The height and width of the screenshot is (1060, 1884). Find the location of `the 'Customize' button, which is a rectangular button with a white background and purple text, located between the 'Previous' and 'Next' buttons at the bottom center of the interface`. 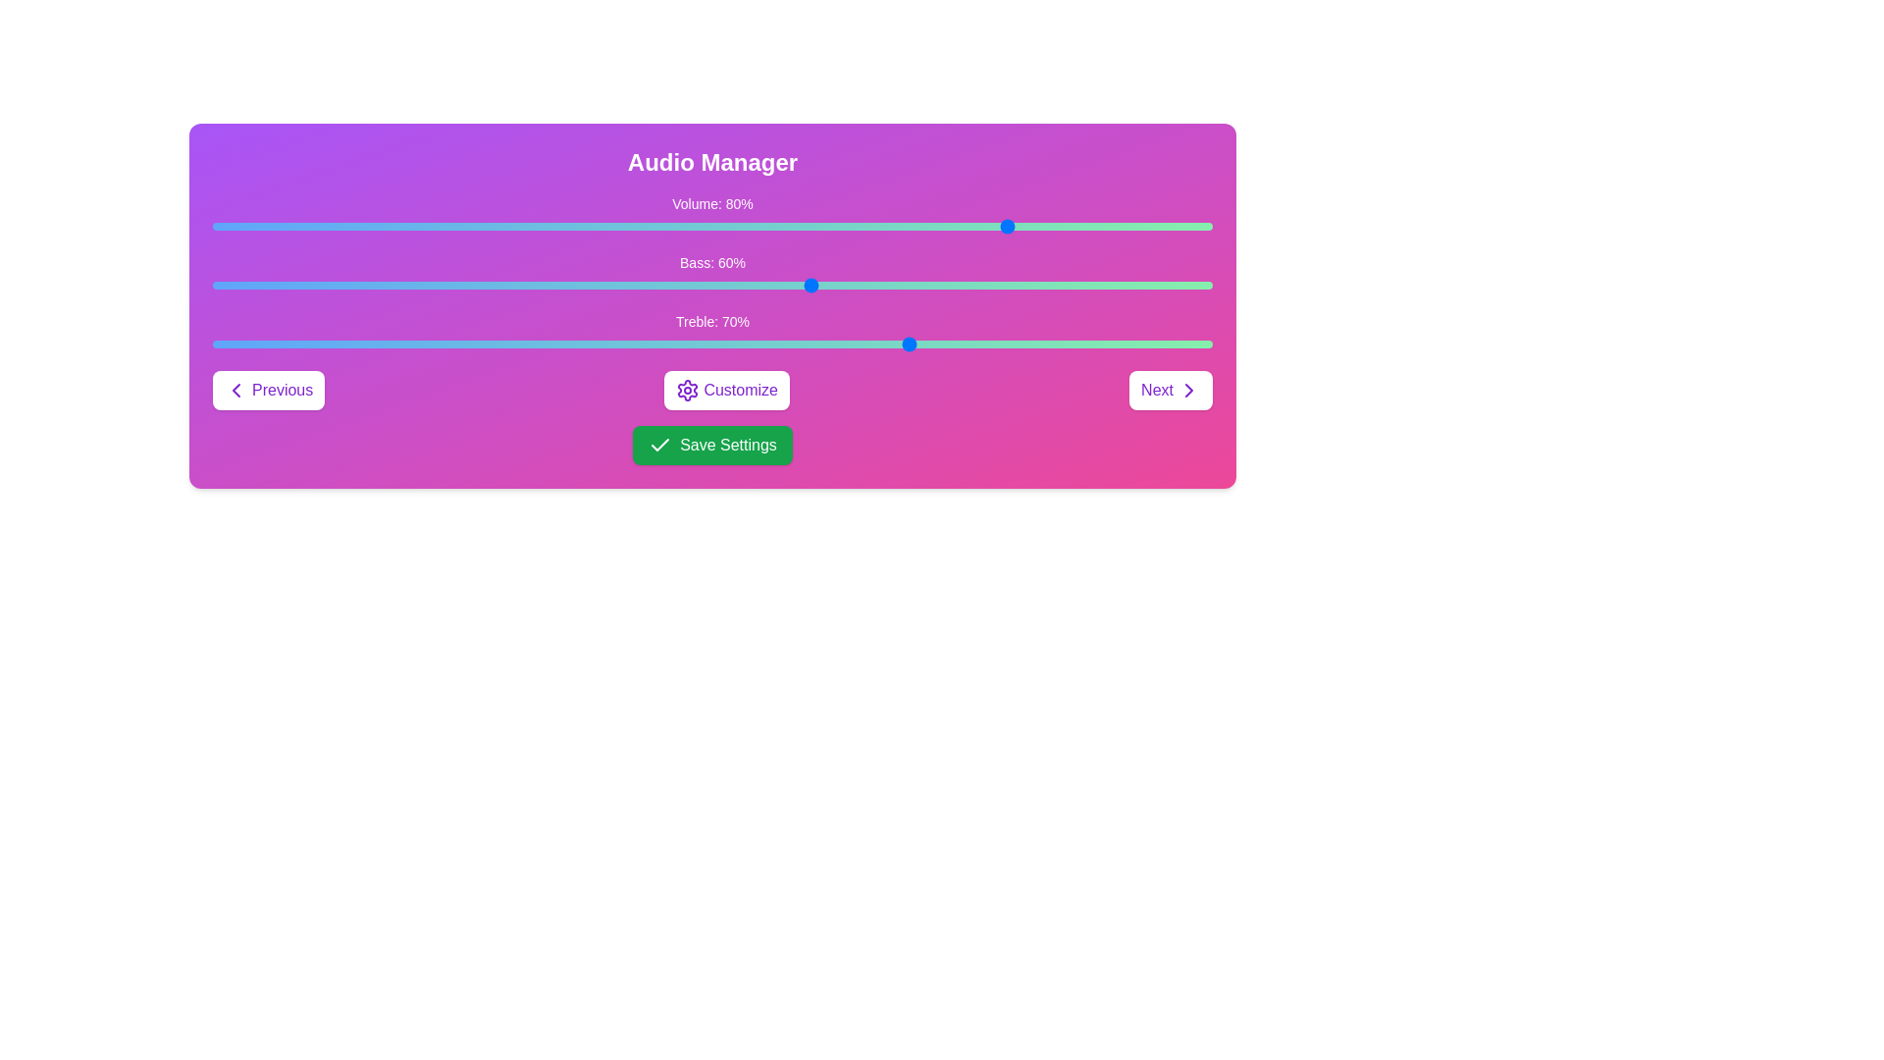

the 'Customize' button, which is a rectangular button with a white background and purple text, located between the 'Previous' and 'Next' buttons at the bottom center of the interface is located at coordinates (726, 390).